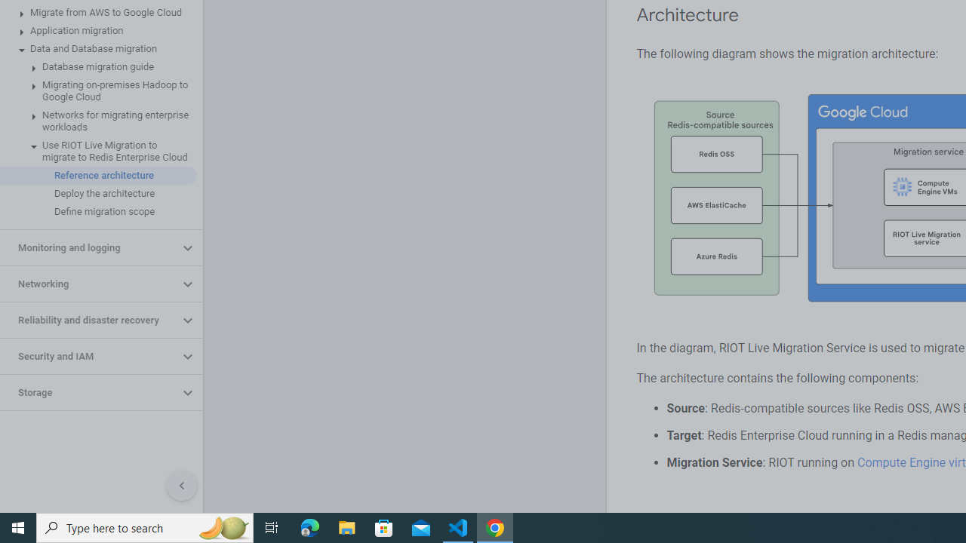 The height and width of the screenshot is (543, 966). Describe the element at coordinates (97, 90) in the screenshot. I see `'Migrating on-premises Hadoop to Google Cloud'` at that location.